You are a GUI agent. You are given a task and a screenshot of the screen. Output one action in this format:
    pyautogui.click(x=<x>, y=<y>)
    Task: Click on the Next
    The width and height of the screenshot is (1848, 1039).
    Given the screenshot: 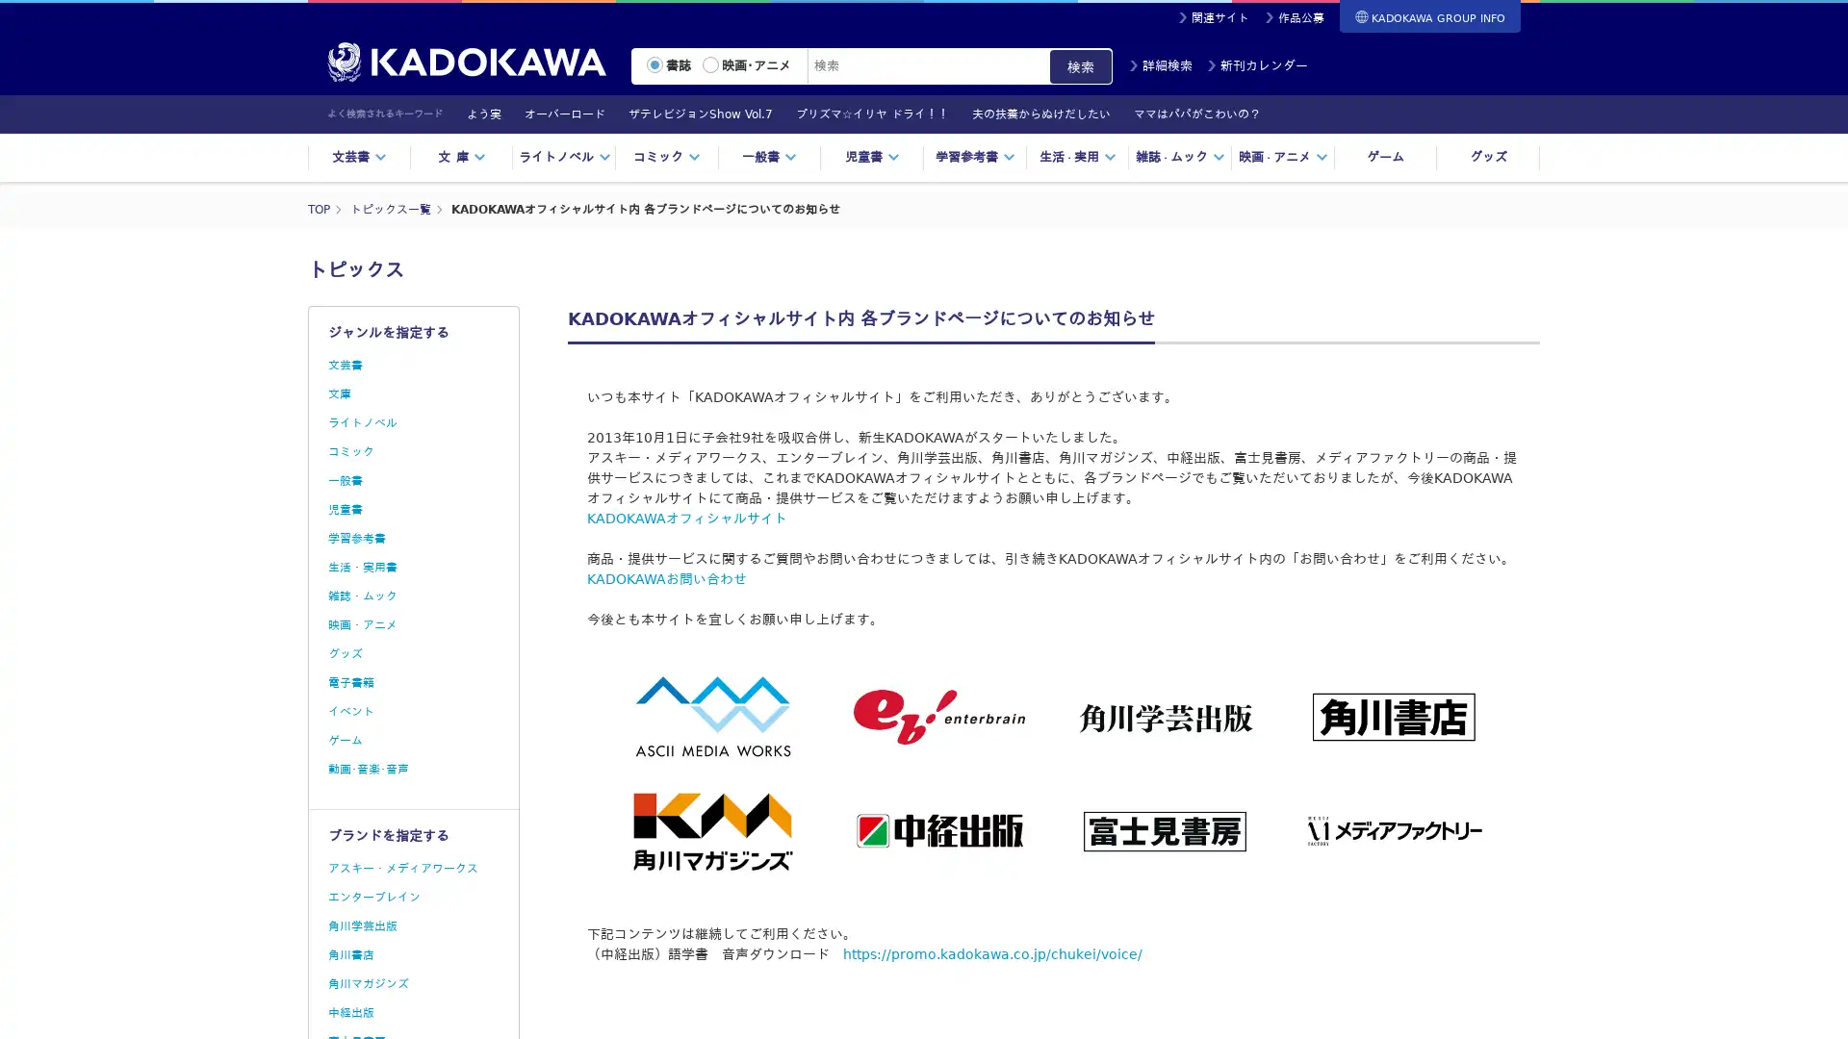 What is the action you would take?
    pyautogui.click(x=1533, y=114)
    